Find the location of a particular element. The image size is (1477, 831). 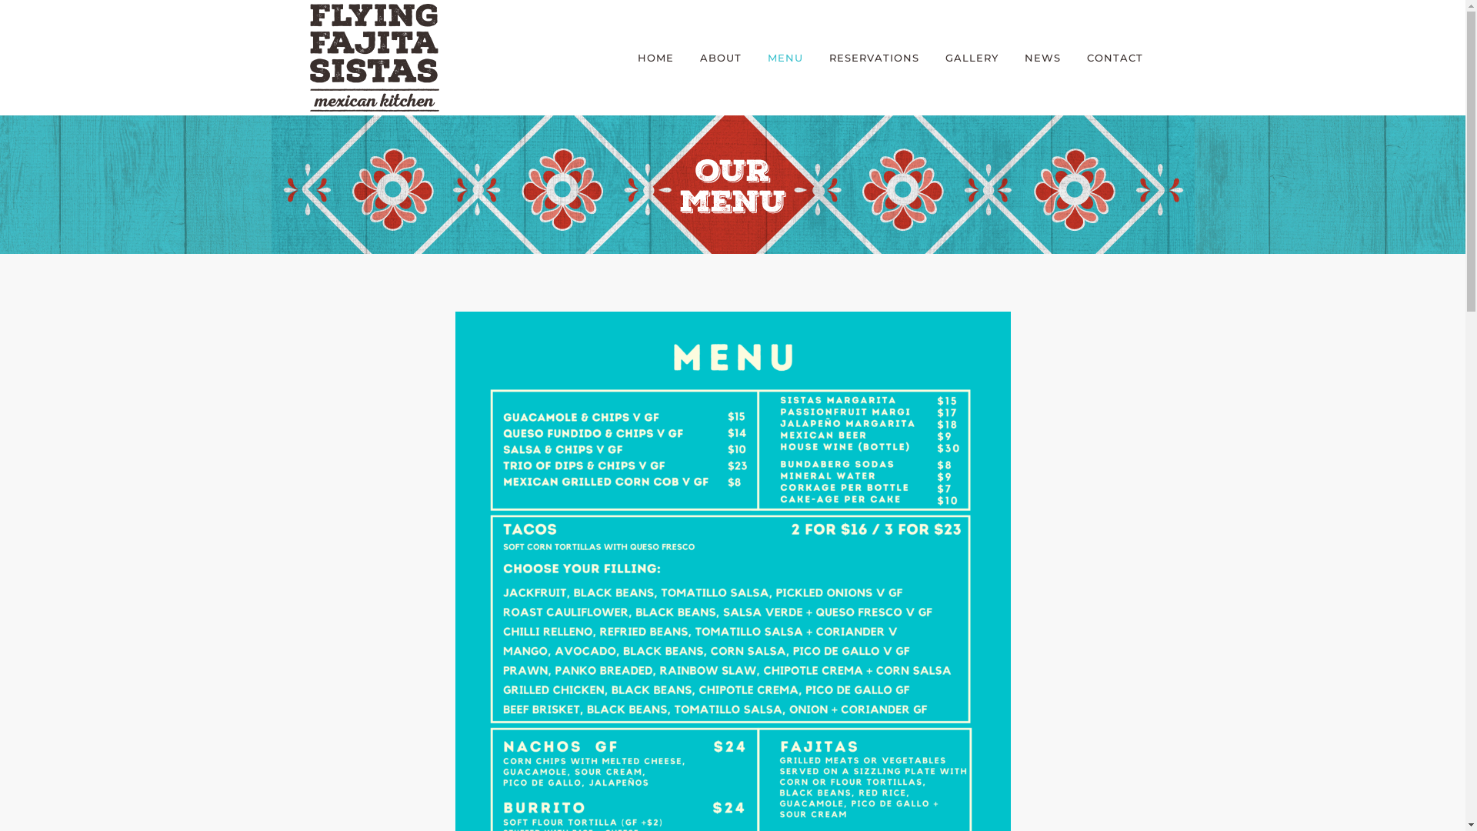

'NEWS' is located at coordinates (1042, 56).